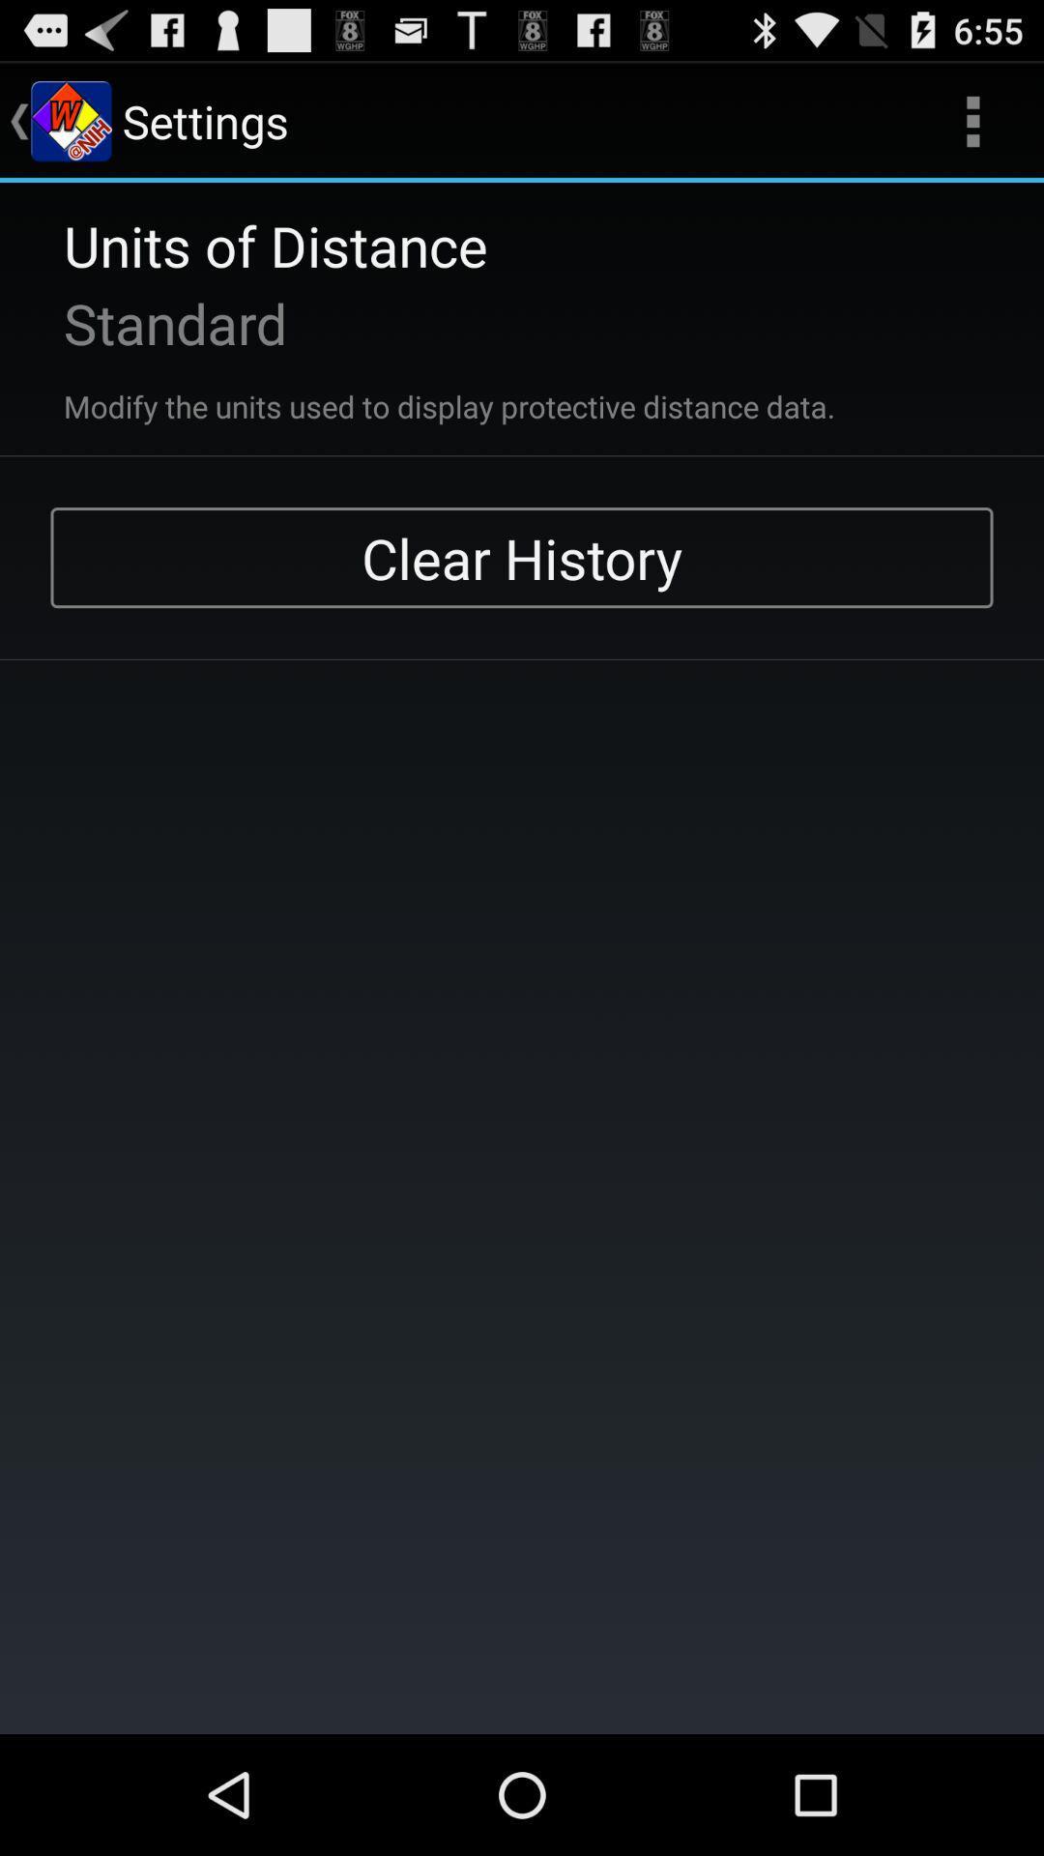 The width and height of the screenshot is (1044, 1856). Describe the element at coordinates (522, 557) in the screenshot. I see `the clear history` at that location.